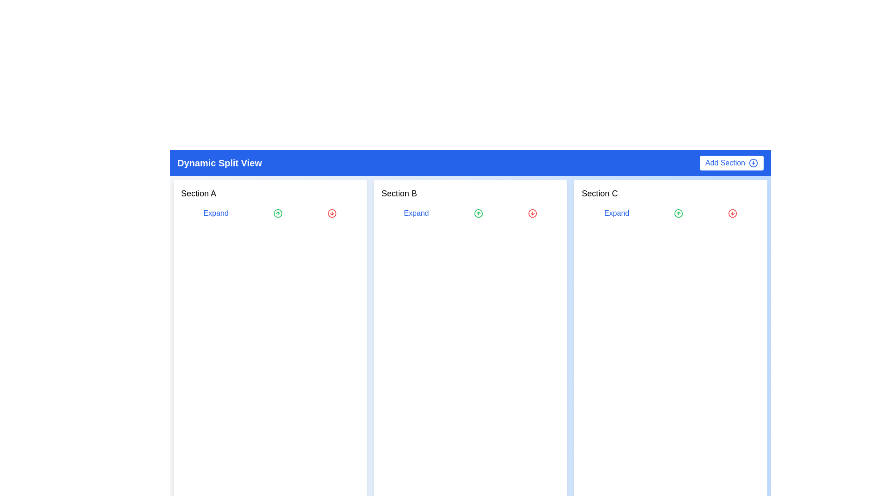  What do you see at coordinates (219, 163) in the screenshot?
I see `the Text Label that serves as the title or label for the interface, located near the top-left corner of the blue header bar, adjacent to the 'Add Section' button` at bounding box center [219, 163].